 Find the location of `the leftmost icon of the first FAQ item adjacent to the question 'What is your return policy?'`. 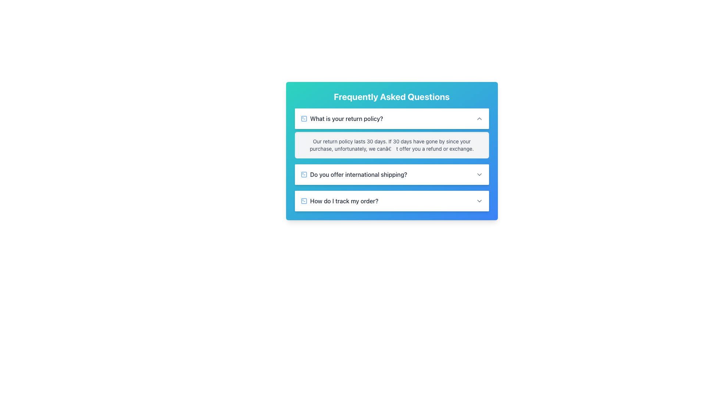

the leftmost icon of the first FAQ item adjacent to the question 'What is your return policy?' is located at coordinates (304, 118).